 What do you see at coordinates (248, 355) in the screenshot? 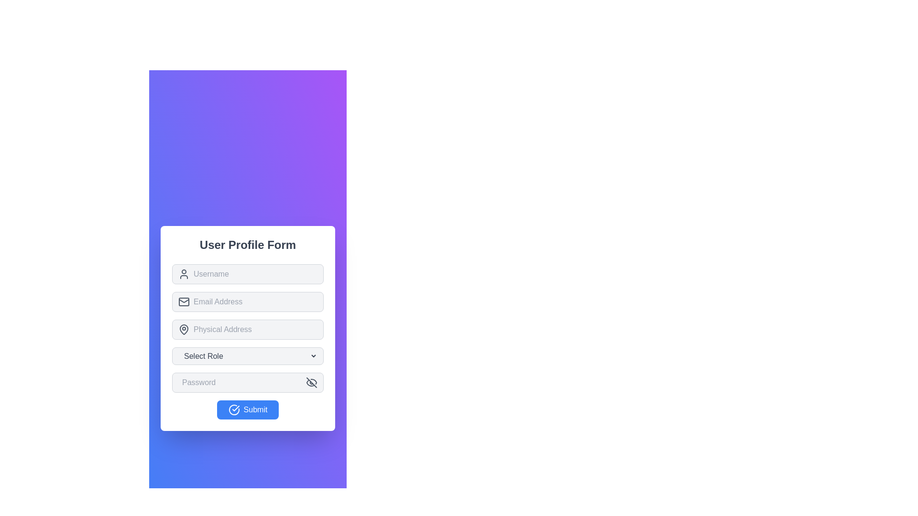
I see `the dropdown menu labeled 'Select Role'` at bounding box center [248, 355].